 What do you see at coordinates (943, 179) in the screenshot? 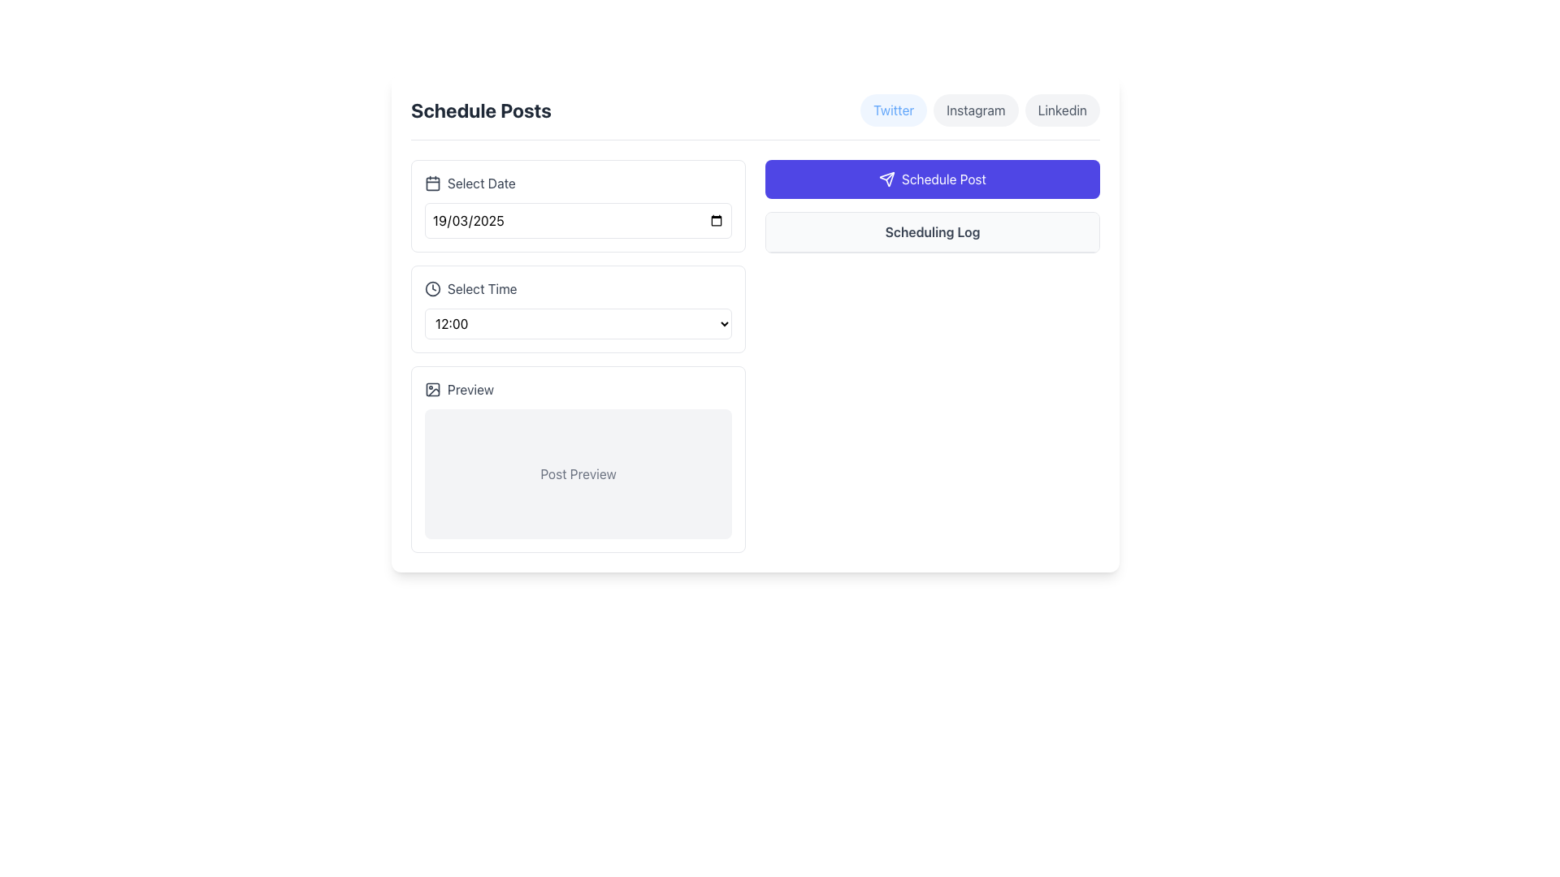
I see `the 'Schedule Post' static text displayed on a purple button with rounded edges` at bounding box center [943, 179].